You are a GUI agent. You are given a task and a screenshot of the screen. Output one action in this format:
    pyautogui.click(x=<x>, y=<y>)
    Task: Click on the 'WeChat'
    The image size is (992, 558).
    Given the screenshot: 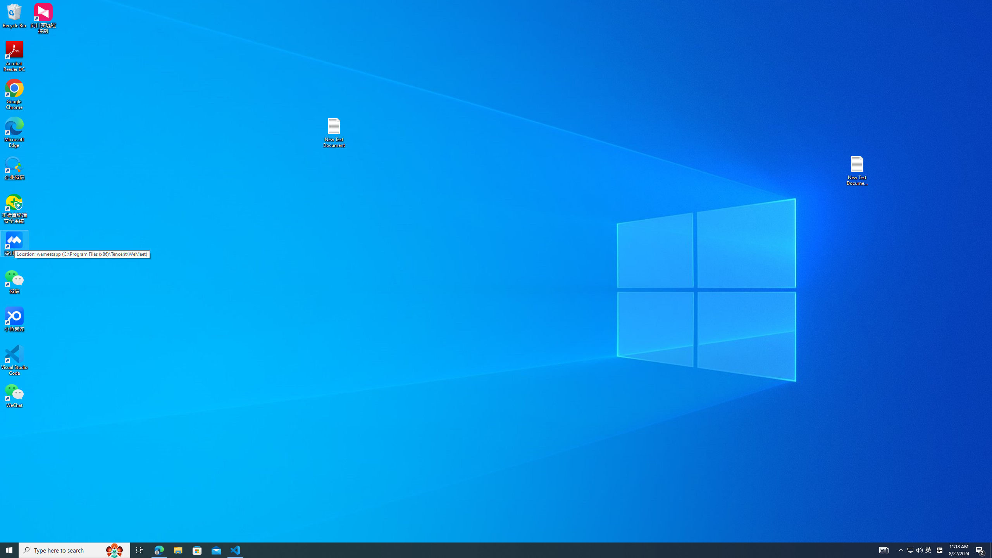 What is the action you would take?
    pyautogui.click(x=14, y=395)
    